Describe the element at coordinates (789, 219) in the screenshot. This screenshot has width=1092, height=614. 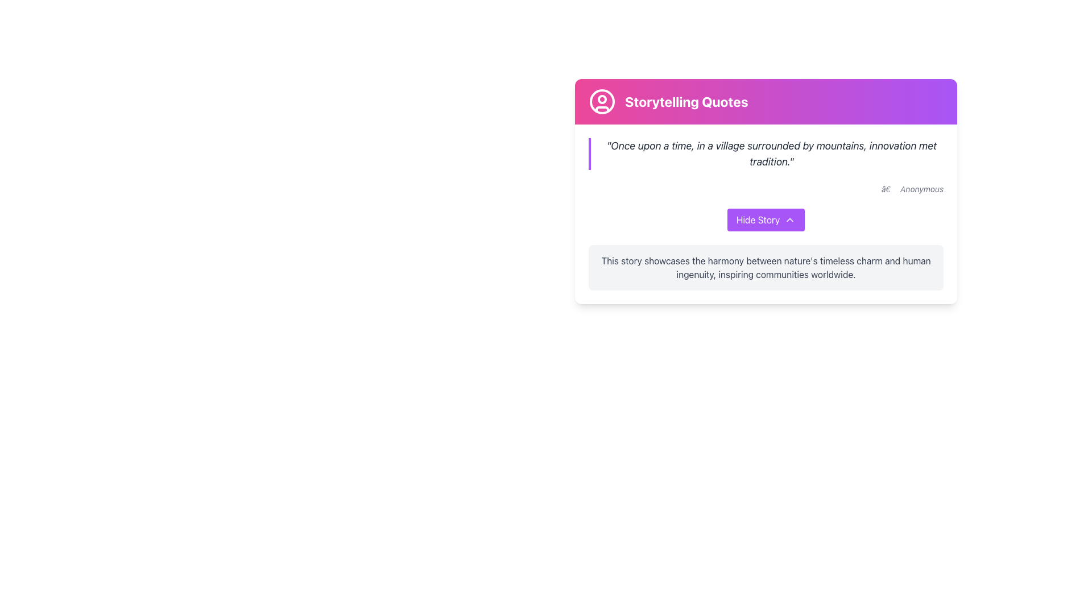
I see `the collapsible/expandable icon located inside the purple button labeled 'Hide Story'` at that location.